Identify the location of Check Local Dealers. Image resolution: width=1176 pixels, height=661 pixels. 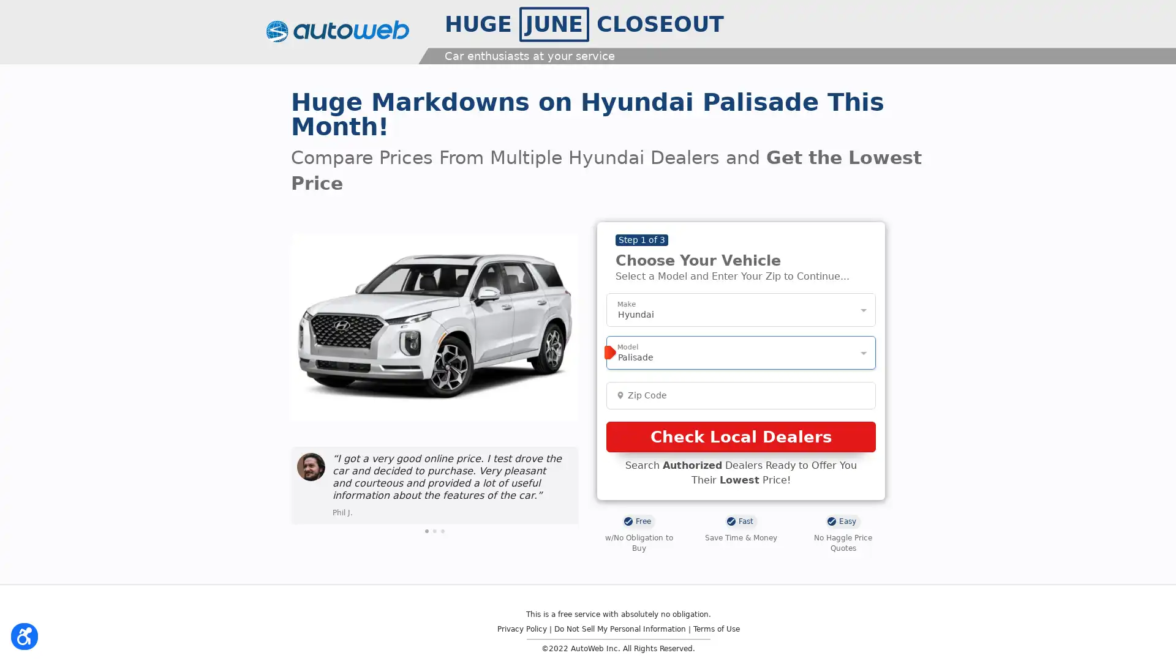
(740, 436).